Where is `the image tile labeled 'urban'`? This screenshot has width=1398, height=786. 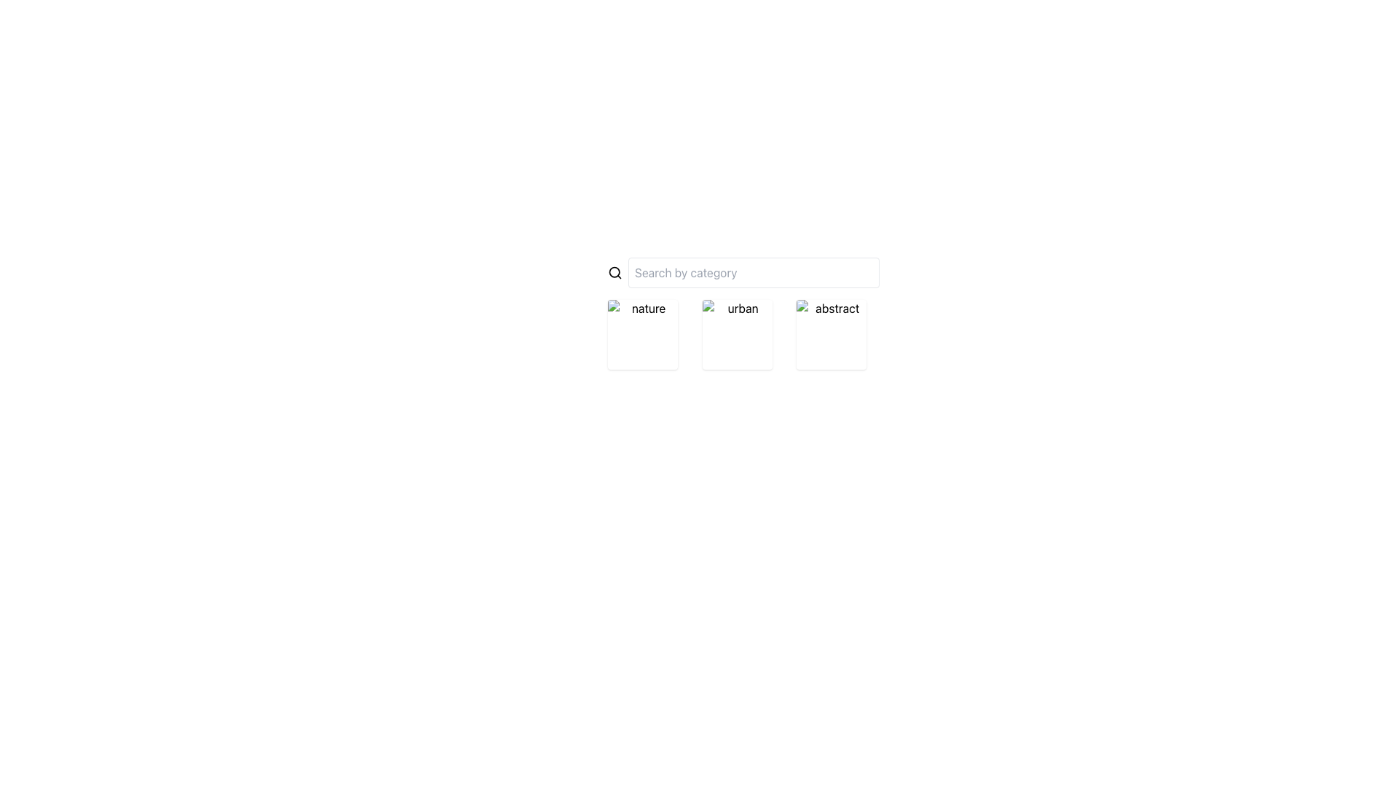 the image tile labeled 'urban' is located at coordinates (737, 334).